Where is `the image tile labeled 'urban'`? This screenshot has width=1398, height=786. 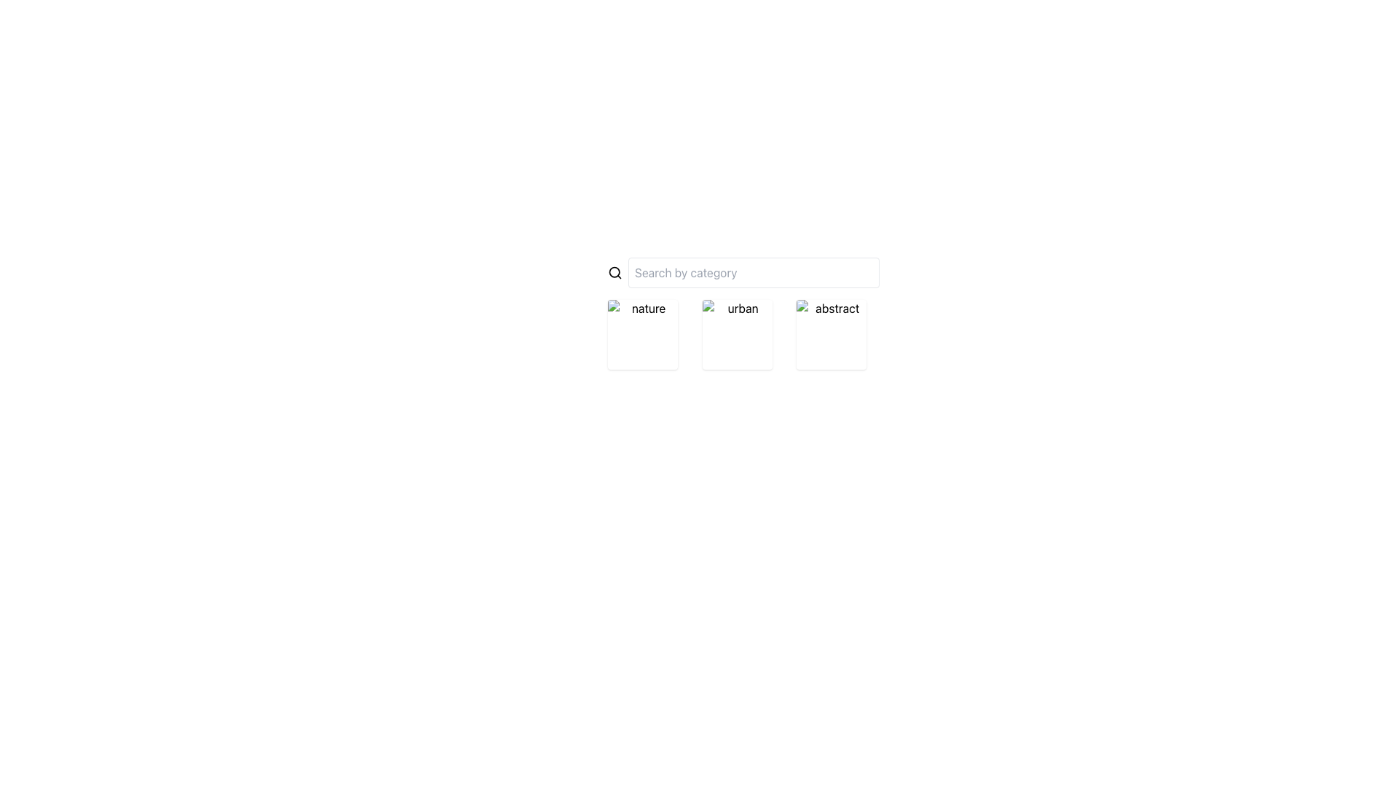 the image tile labeled 'urban' is located at coordinates (737, 334).